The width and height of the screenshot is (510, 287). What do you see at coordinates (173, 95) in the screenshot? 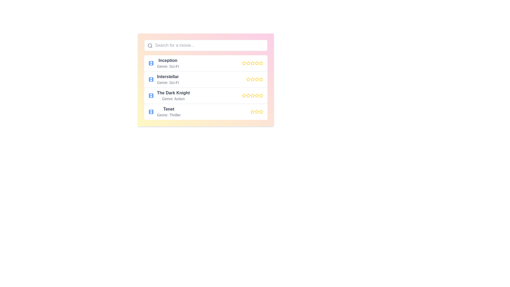
I see `the Text display block that shows the title and genre of the movie 'The Dark Knight', positioned as the third item in a vertical list of movie entries` at bounding box center [173, 95].